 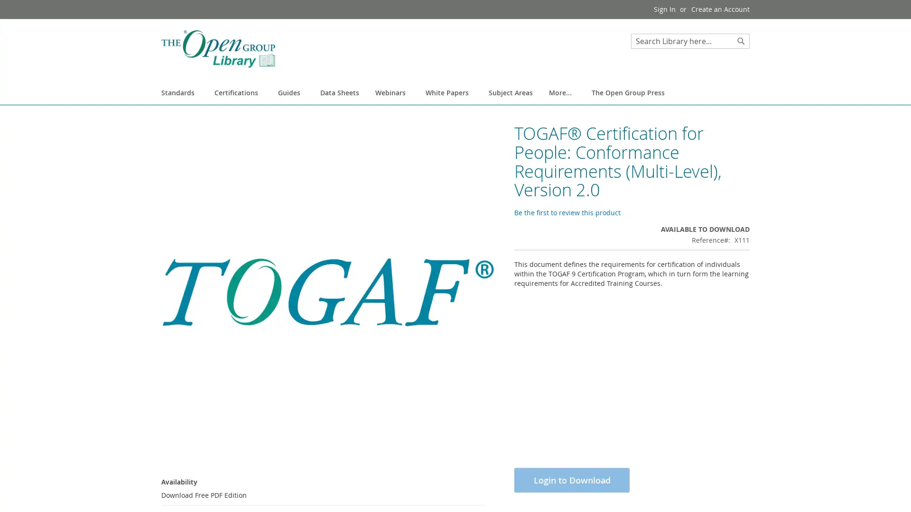 What do you see at coordinates (740, 41) in the screenshot?
I see `Search` at bounding box center [740, 41].